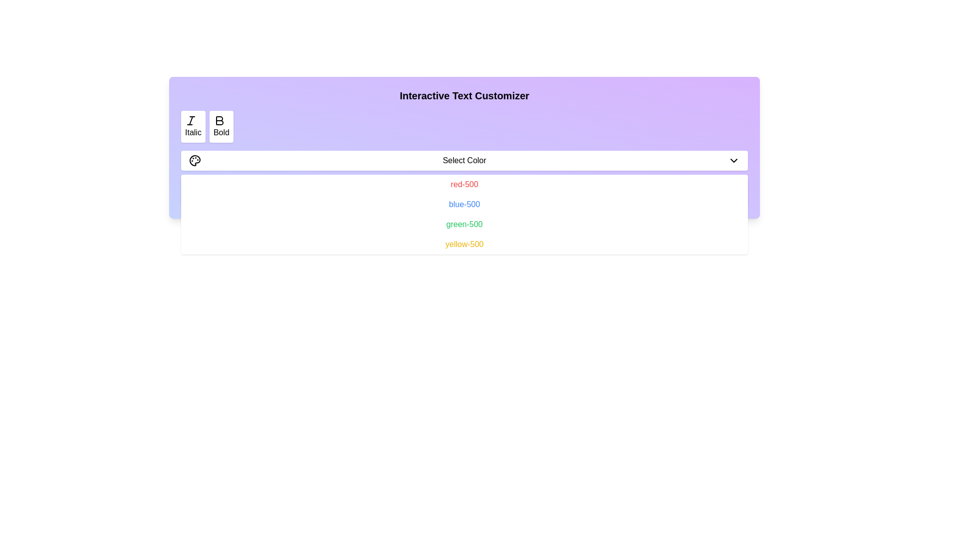 This screenshot has height=539, width=958. I want to click on the 'Bold' button, which is a rectangular button with a white background and rounded corners, displaying the label 'Bold' and an icon of the letter 'B' in bold font style, so click(221, 126).